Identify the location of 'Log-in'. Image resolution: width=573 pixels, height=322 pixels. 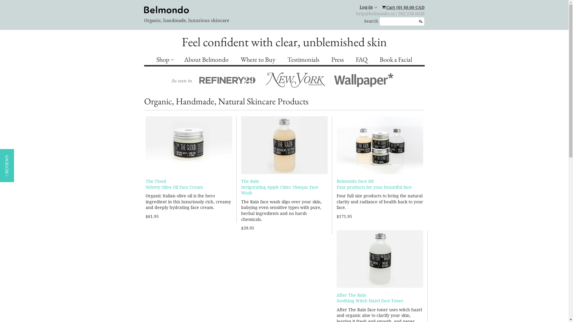
(368, 7).